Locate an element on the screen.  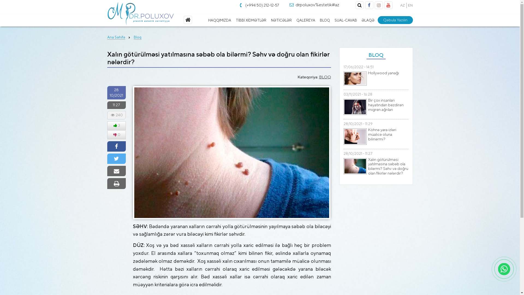
'Print' is located at coordinates (116, 184).